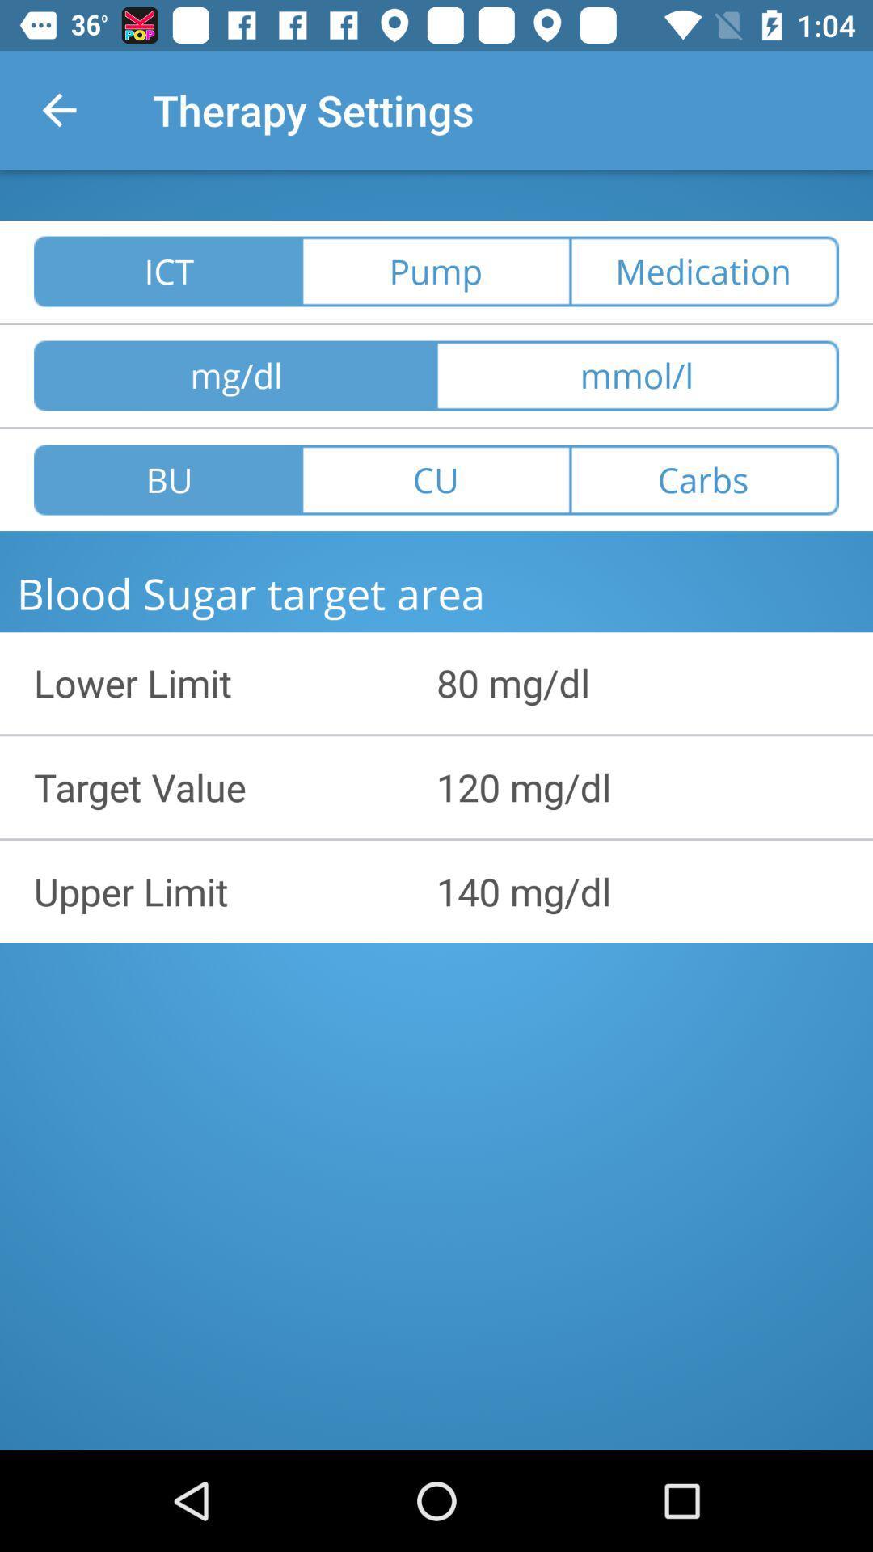 This screenshot has width=873, height=1552. What do you see at coordinates (435, 479) in the screenshot?
I see `the icon next to the carbs icon` at bounding box center [435, 479].